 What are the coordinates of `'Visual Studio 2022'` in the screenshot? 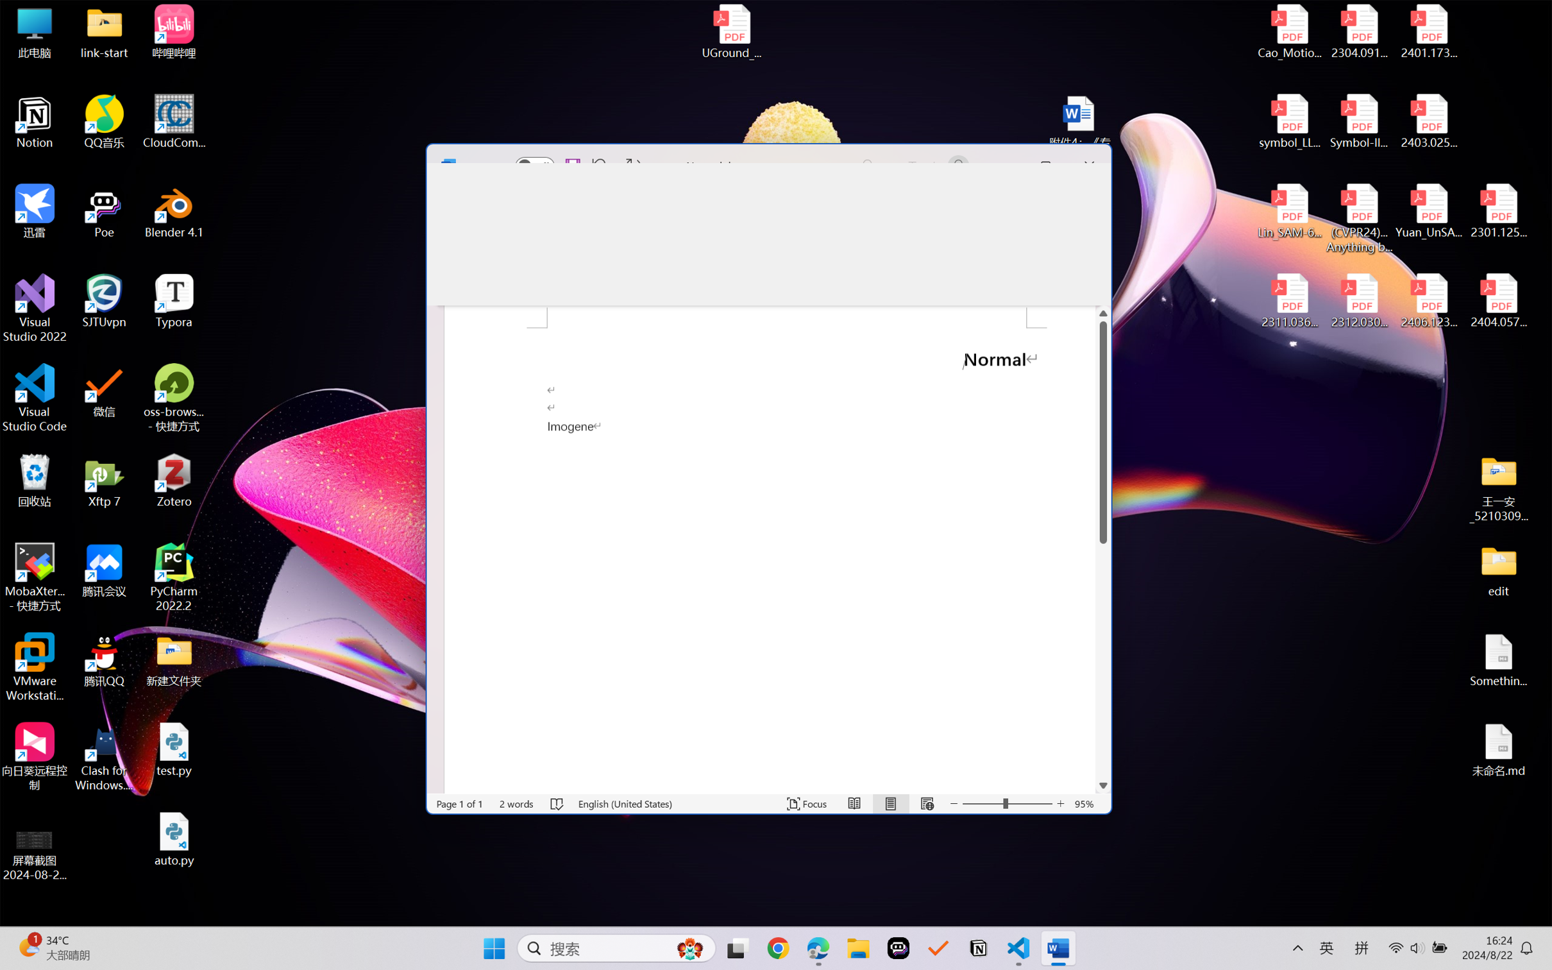 It's located at (34, 309).